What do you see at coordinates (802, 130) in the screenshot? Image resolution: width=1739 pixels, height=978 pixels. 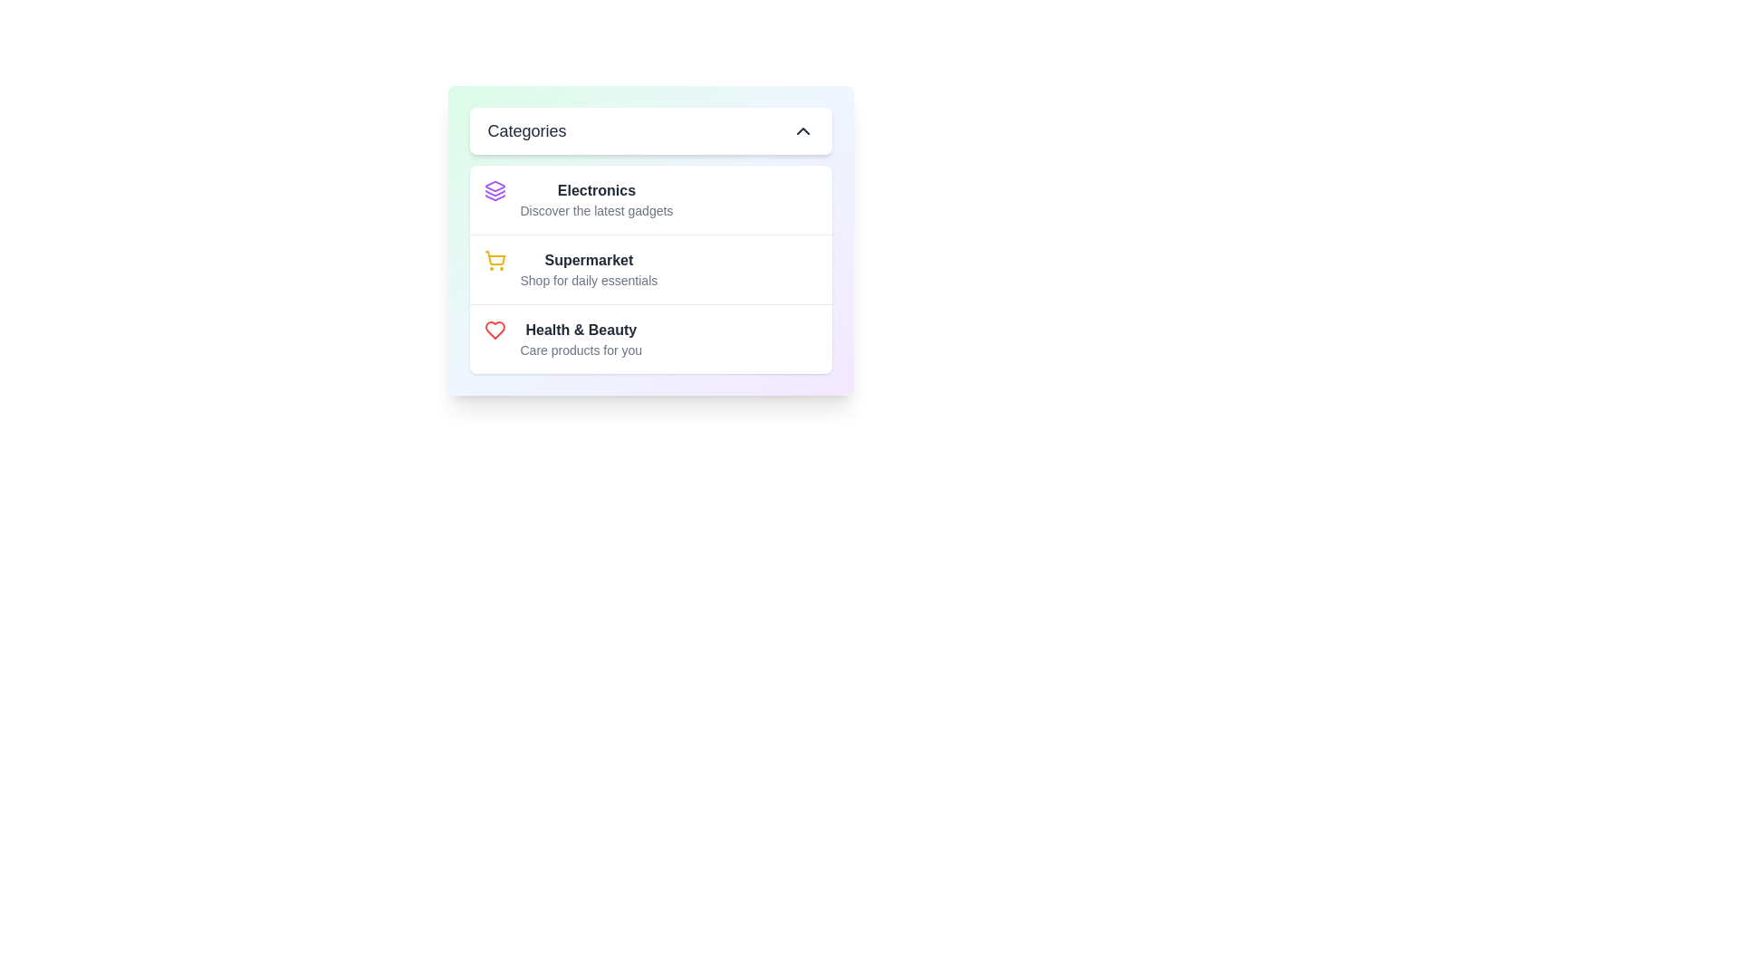 I see `the small upward-pointing chevron arrow icon located at the top-right corner of the 'Categories' section` at bounding box center [802, 130].